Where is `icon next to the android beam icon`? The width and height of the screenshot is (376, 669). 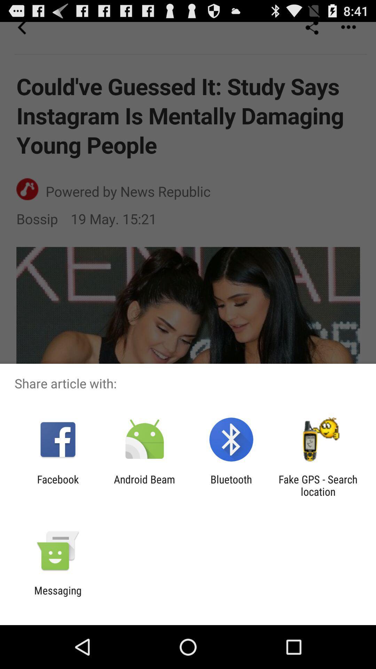 icon next to the android beam icon is located at coordinates (231, 485).